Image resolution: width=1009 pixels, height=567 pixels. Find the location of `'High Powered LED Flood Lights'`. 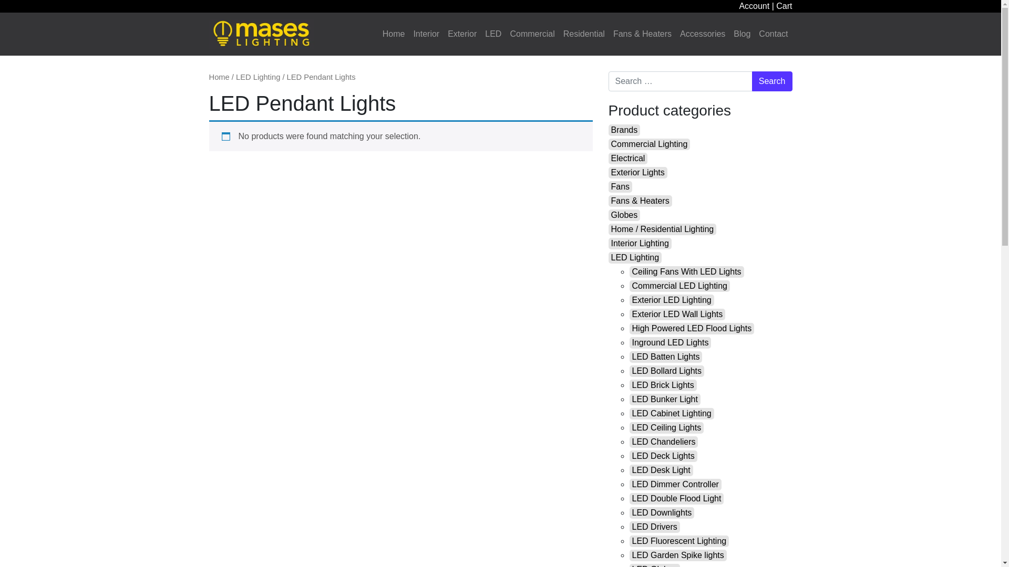

'High Powered LED Flood Lights' is located at coordinates (692, 328).